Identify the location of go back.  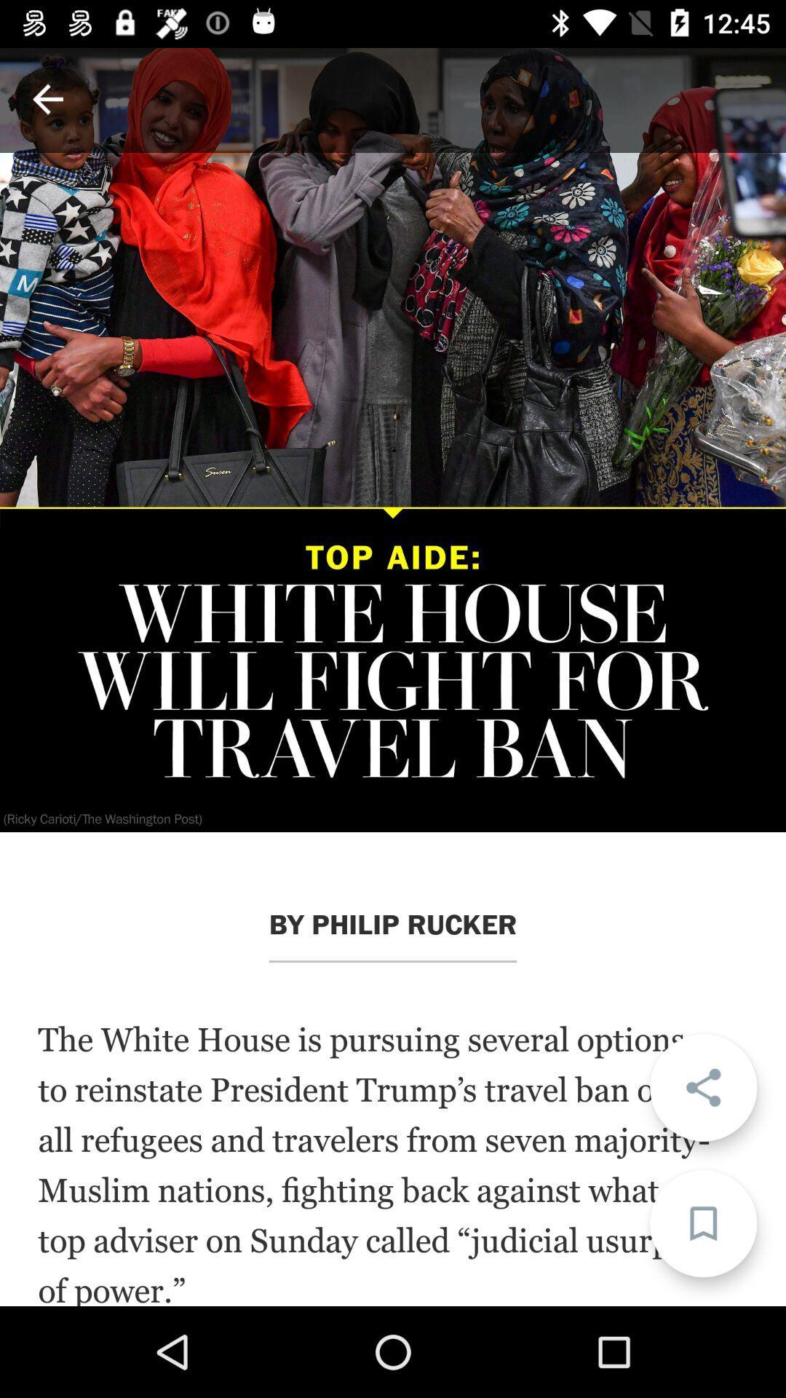
(47, 98).